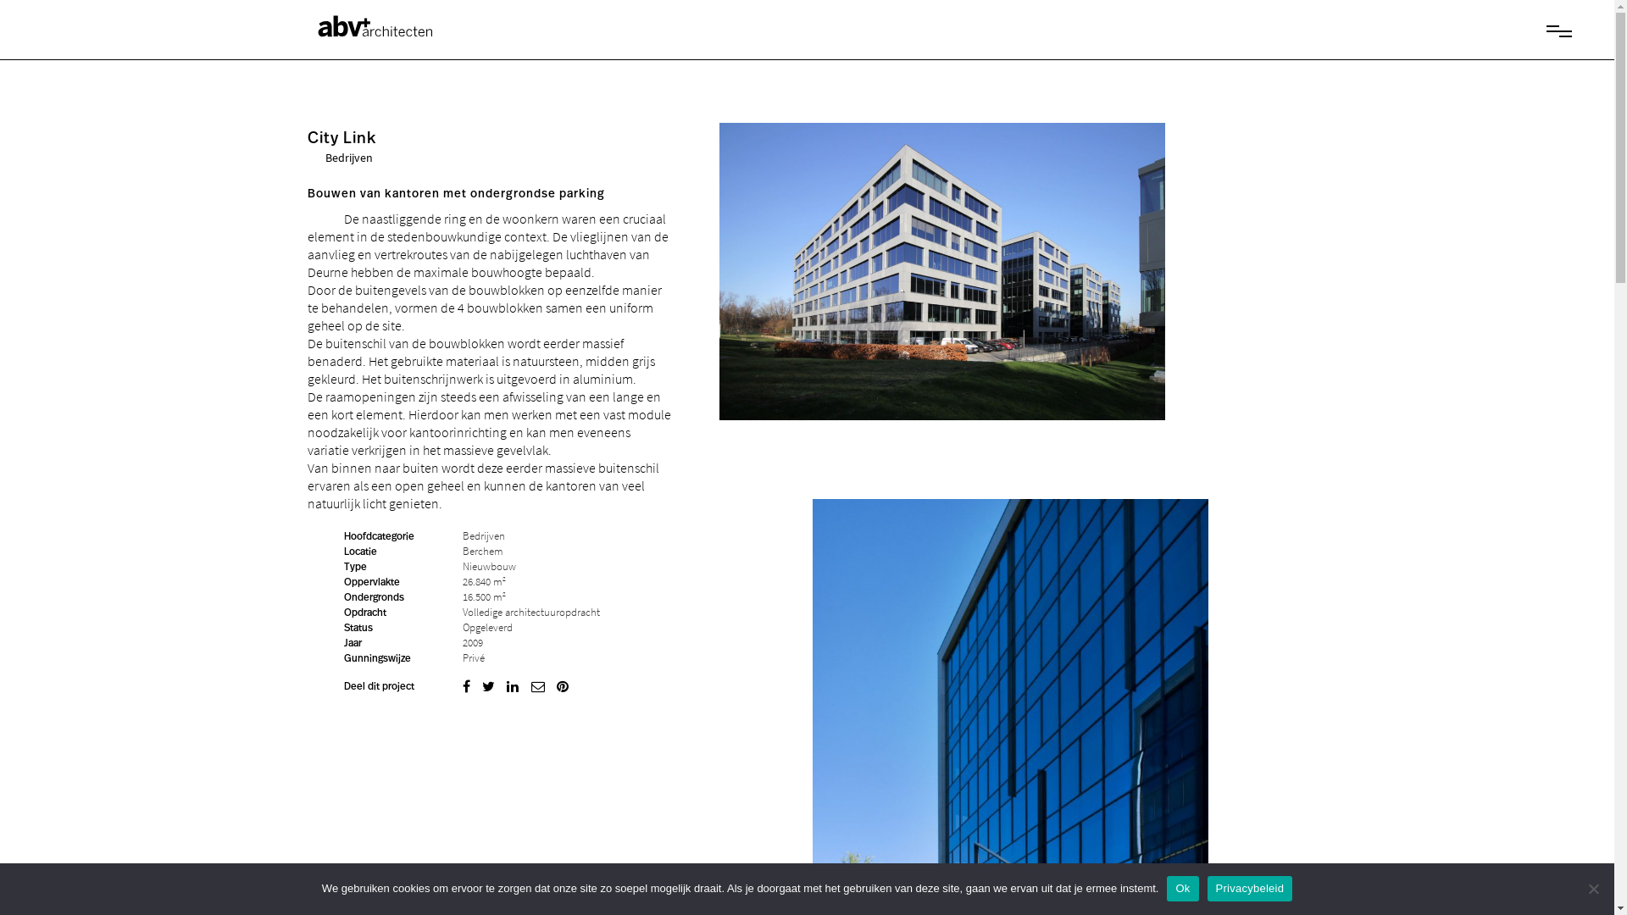  Describe the element at coordinates (1250, 888) in the screenshot. I see `'Privacybeleid'` at that location.